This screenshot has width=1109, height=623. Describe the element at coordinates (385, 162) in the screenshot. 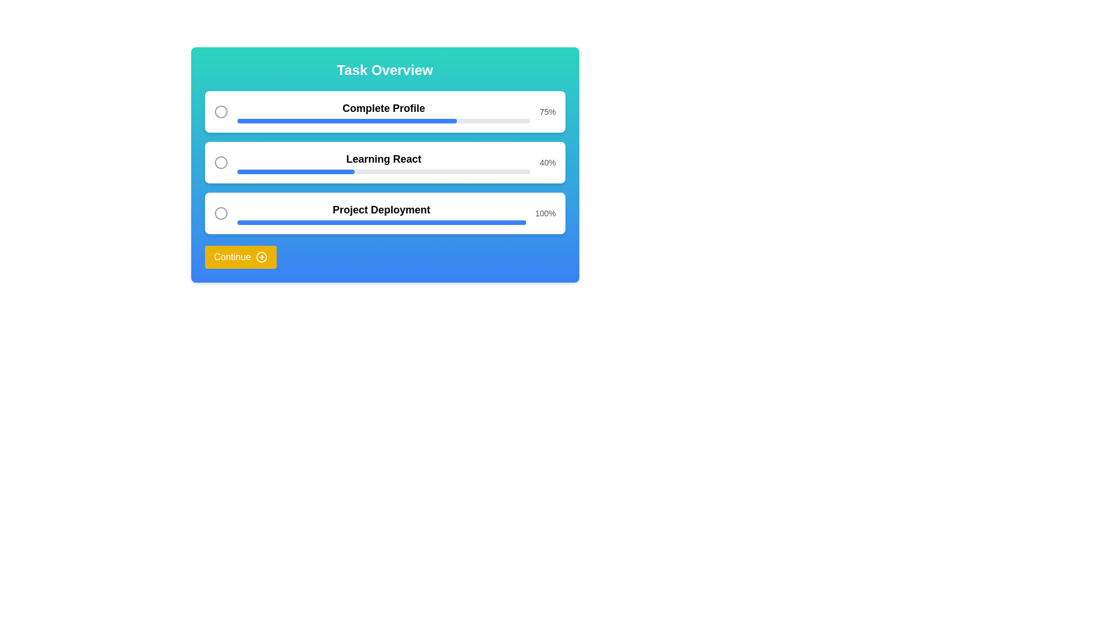

I see `the centrally located Progress bar group with labels and indicators that displays task completion levels, positioned below the 'Task Overview' title` at that location.